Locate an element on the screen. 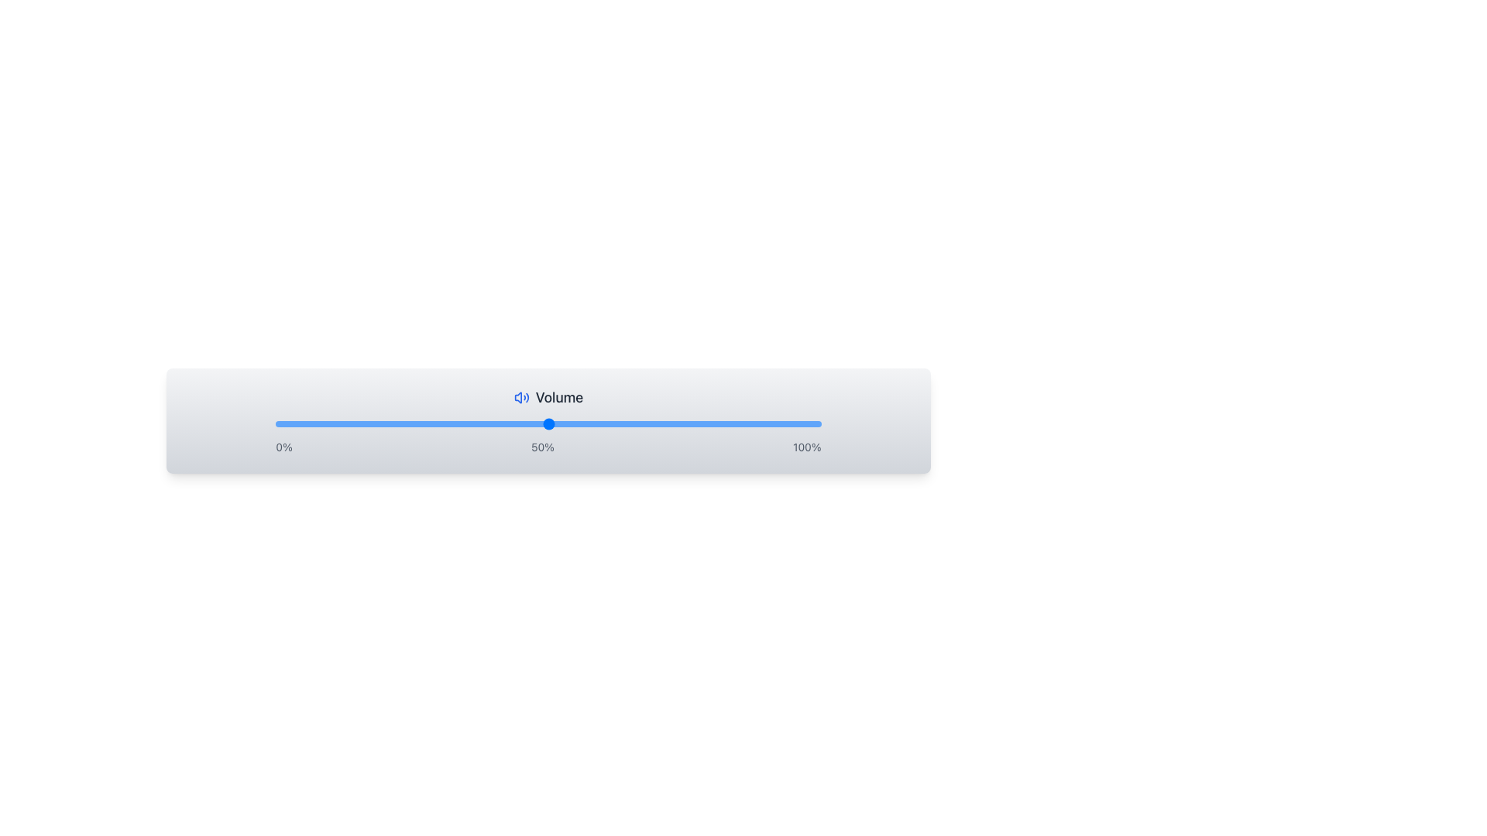 The image size is (1487, 836). the volume is located at coordinates (646, 423).